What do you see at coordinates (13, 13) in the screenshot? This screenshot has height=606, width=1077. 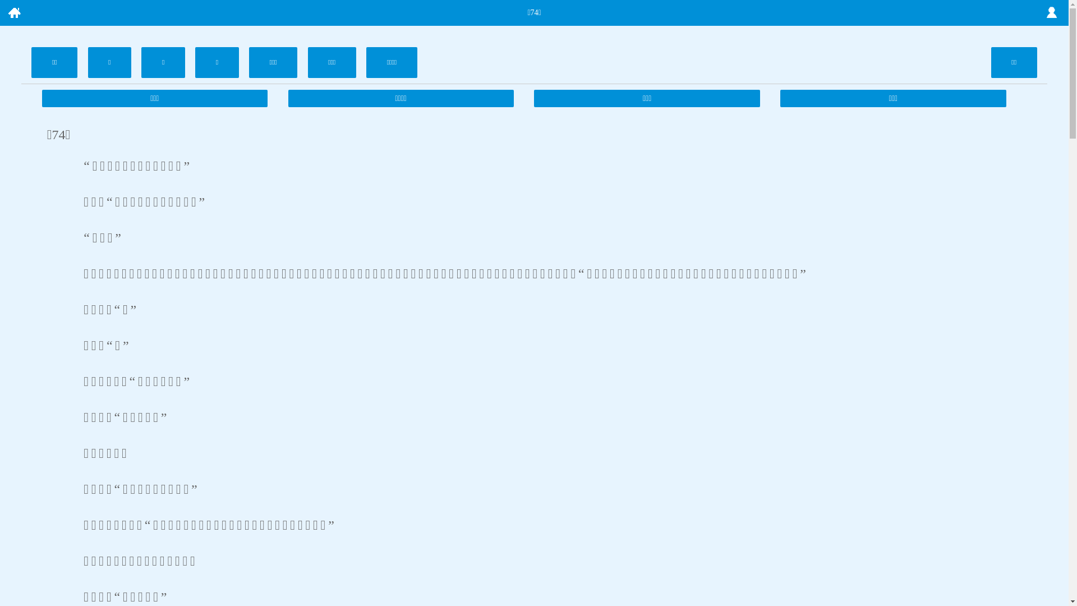 I see `' '` at bounding box center [13, 13].